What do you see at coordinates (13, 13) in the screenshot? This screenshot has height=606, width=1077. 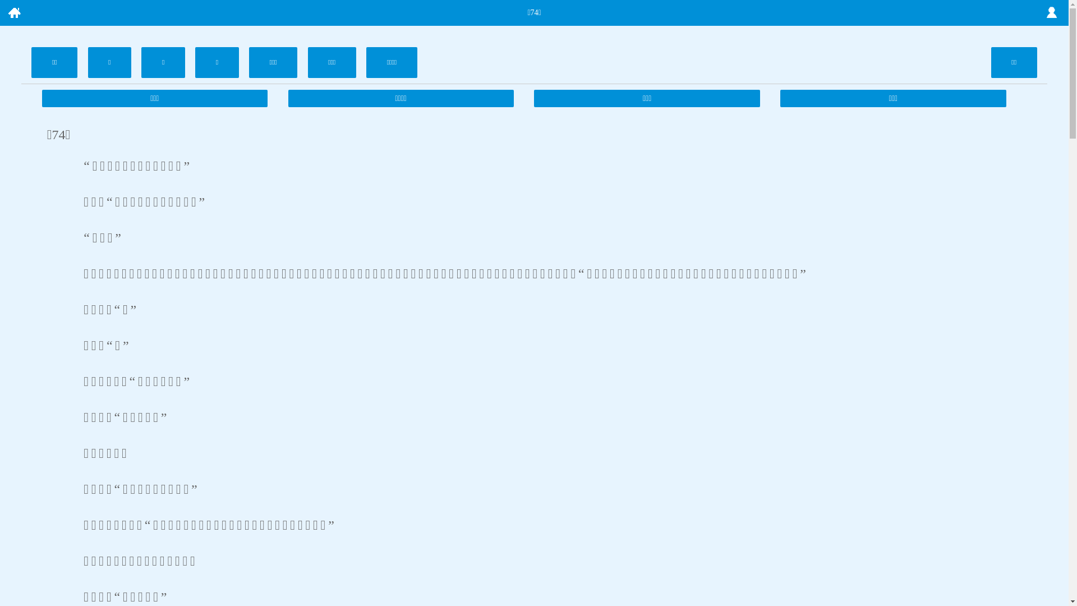 I see `' '` at bounding box center [13, 13].